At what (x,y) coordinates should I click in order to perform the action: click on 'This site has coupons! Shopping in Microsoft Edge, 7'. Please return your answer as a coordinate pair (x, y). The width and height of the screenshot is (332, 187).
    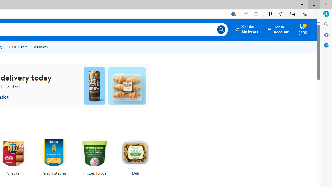
    Looking at the image, I should click on (233, 14).